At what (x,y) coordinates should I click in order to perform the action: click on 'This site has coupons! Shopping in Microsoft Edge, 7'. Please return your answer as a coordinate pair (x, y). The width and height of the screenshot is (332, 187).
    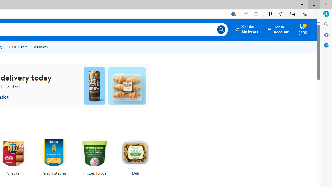
    Looking at the image, I should click on (233, 14).